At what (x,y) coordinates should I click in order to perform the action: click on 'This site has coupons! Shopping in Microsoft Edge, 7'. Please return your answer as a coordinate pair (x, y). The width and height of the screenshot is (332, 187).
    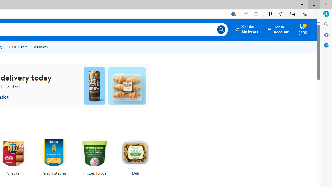
    Looking at the image, I should click on (233, 14).